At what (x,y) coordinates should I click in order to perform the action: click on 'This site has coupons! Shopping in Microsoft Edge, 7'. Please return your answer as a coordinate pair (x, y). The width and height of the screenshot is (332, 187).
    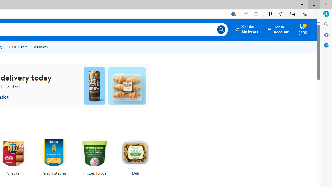
    Looking at the image, I should click on (233, 14).